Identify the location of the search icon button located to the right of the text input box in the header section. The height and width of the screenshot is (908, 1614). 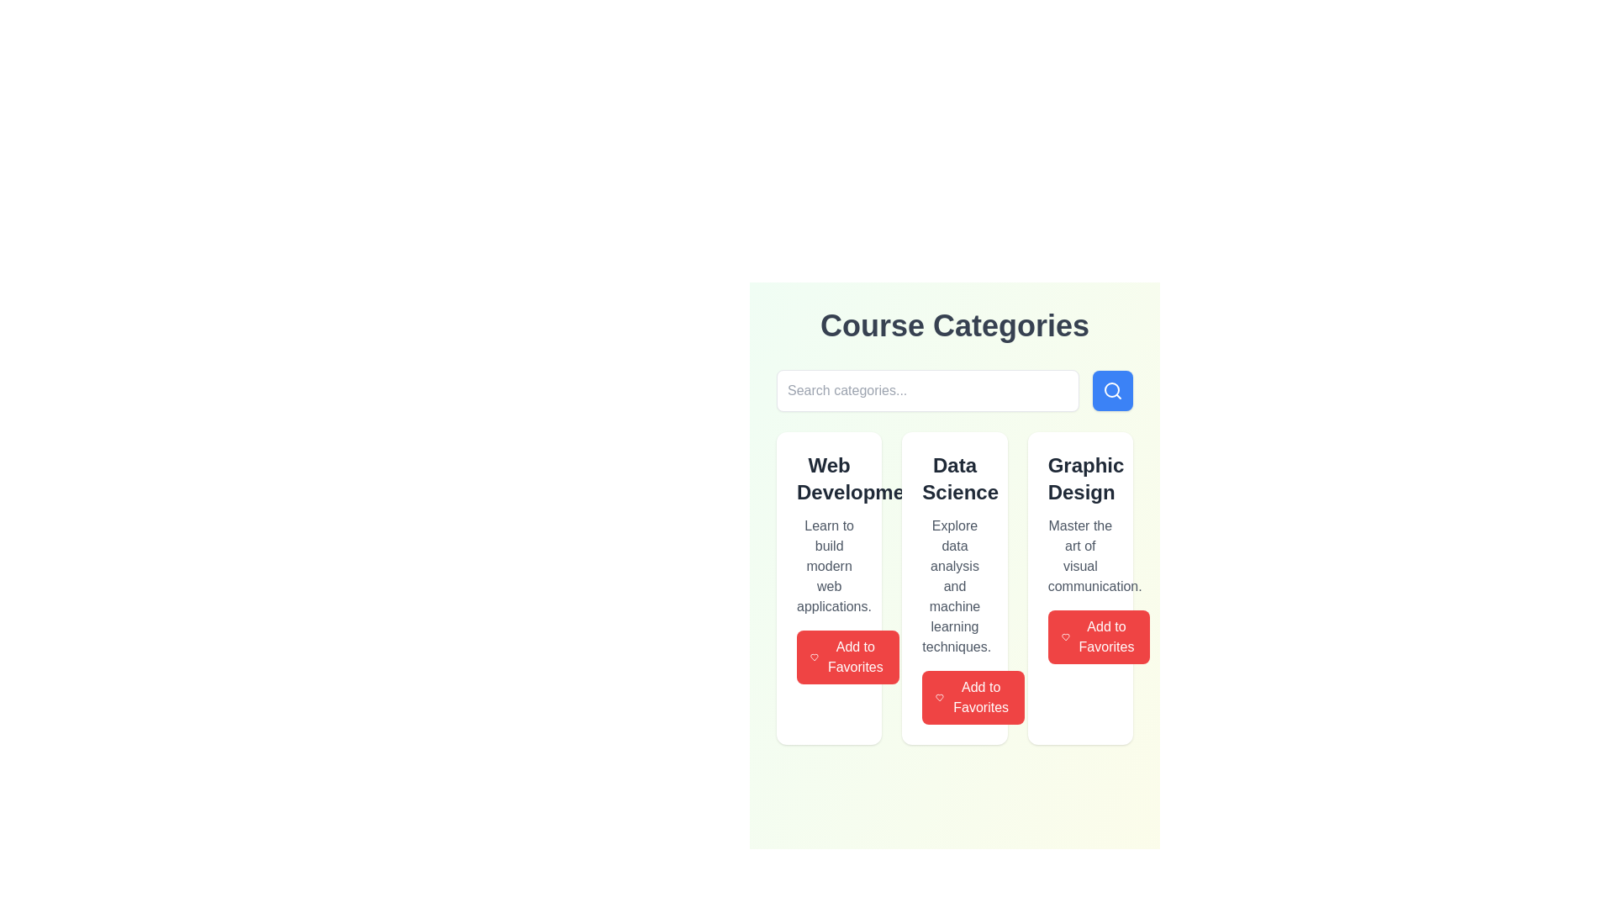
(1113, 391).